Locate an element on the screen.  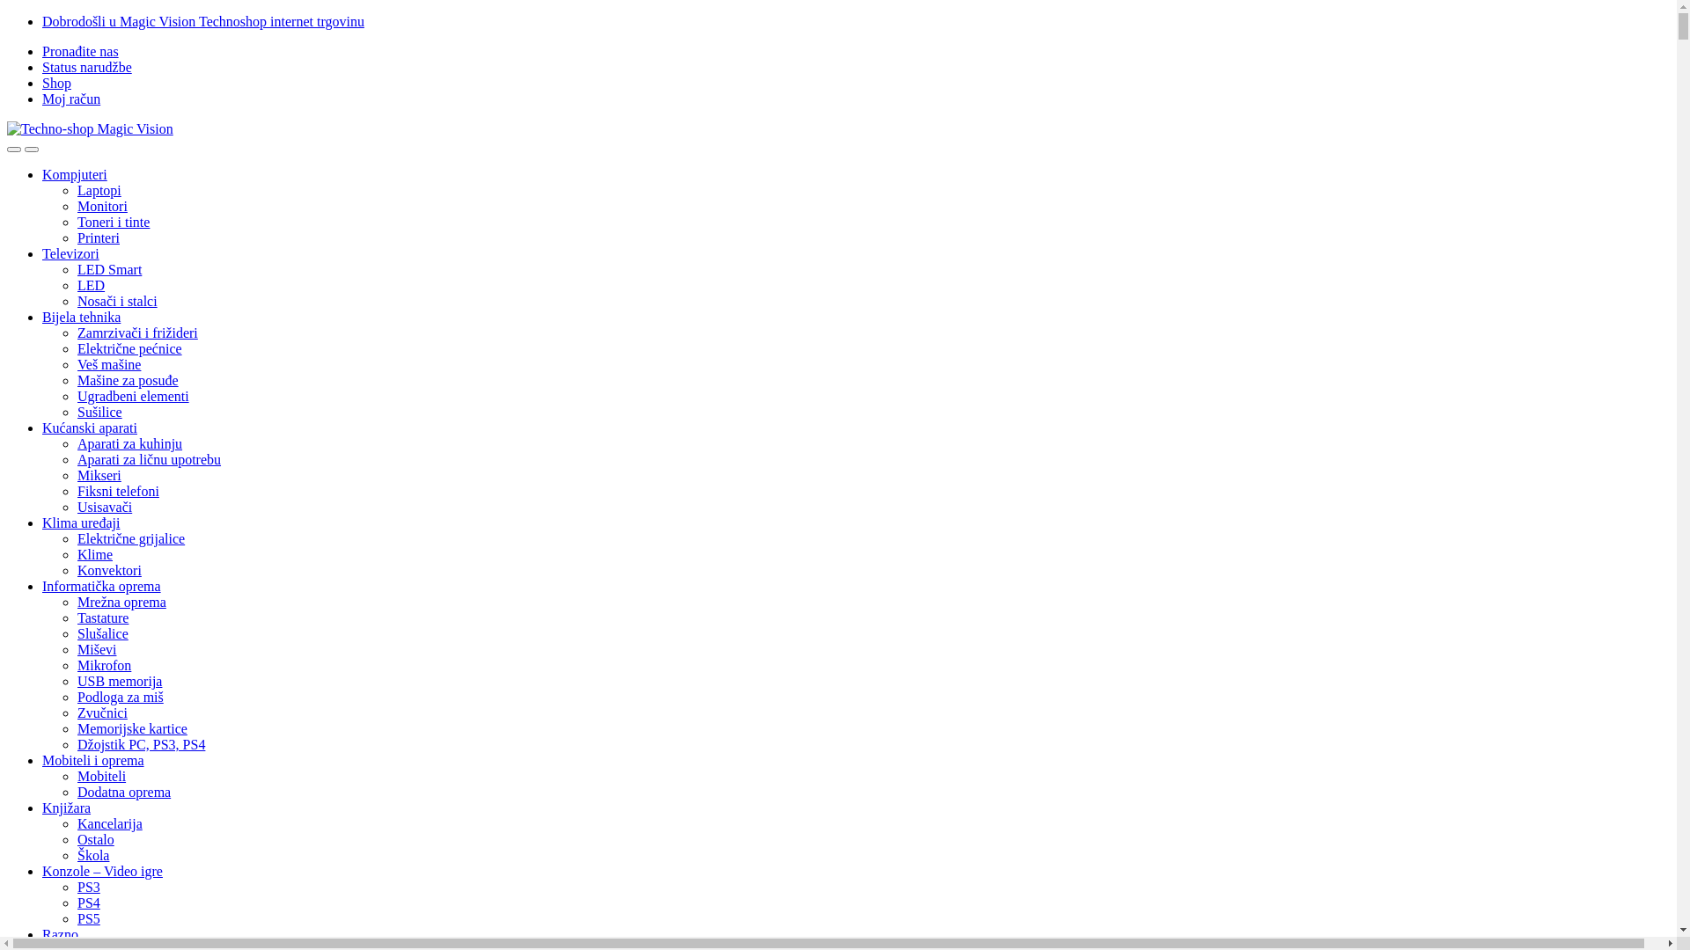
'Toneri i tinte' is located at coordinates (113, 221).